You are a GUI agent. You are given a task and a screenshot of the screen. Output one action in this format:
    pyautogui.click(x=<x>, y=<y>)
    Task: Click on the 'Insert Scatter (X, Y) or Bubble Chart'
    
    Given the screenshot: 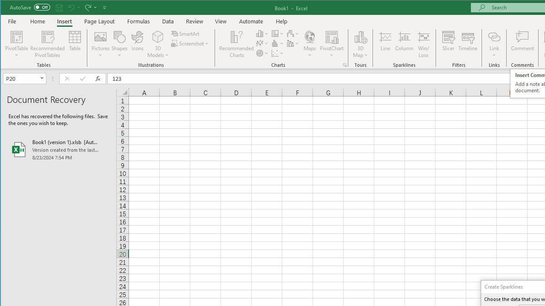 What is the action you would take?
    pyautogui.click(x=278, y=53)
    